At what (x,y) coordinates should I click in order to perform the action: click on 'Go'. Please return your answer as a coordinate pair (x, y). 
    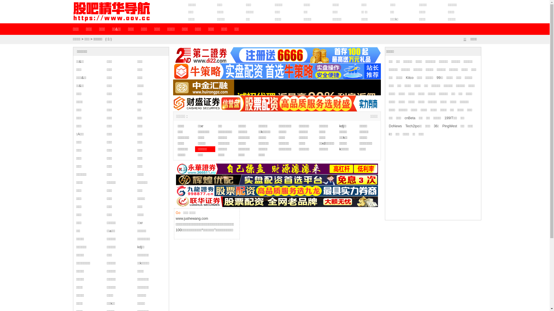
    Looking at the image, I should click on (178, 213).